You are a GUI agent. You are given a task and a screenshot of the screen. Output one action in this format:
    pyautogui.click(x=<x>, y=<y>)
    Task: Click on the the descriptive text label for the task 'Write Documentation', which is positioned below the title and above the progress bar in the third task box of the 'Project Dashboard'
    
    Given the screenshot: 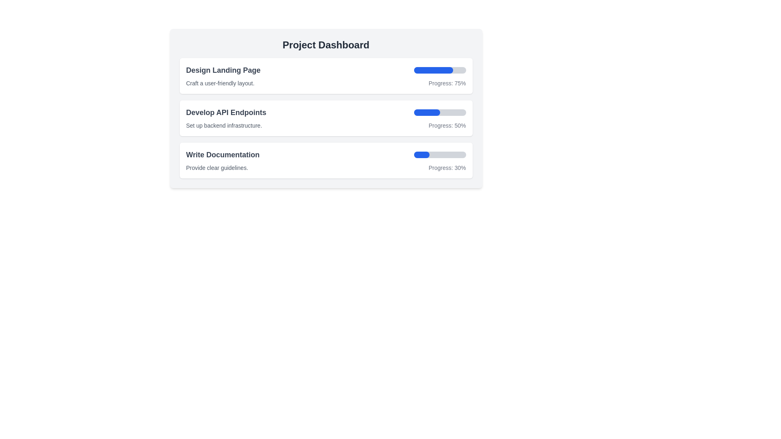 What is the action you would take?
    pyautogui.click(x=217, y=167)
    